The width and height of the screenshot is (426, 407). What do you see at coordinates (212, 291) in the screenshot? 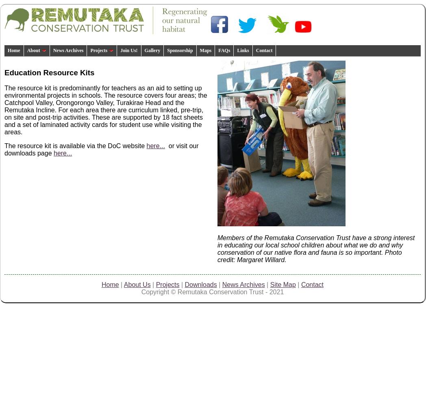
I see `'Copyright © Remutaka Conservation Trust - 2021'` at bounding box center [212, 291].